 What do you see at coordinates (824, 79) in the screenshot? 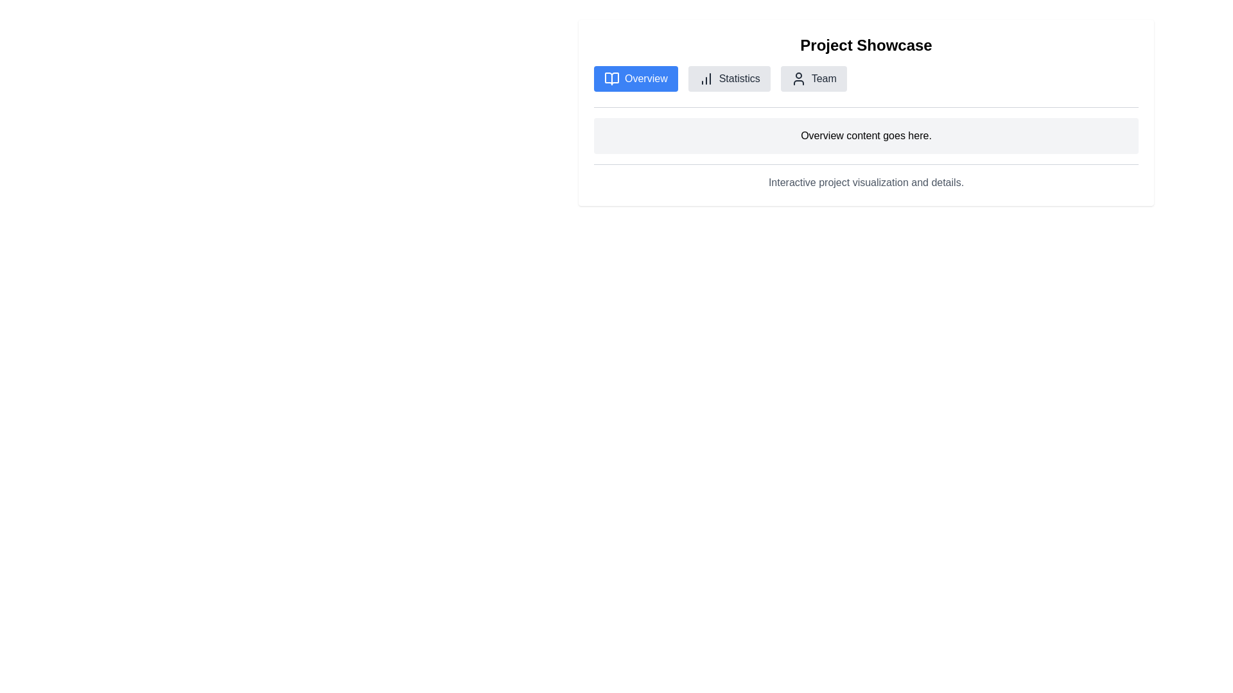
I see `the gray button containing the 'Team' label` at bounding box center [824, 79].